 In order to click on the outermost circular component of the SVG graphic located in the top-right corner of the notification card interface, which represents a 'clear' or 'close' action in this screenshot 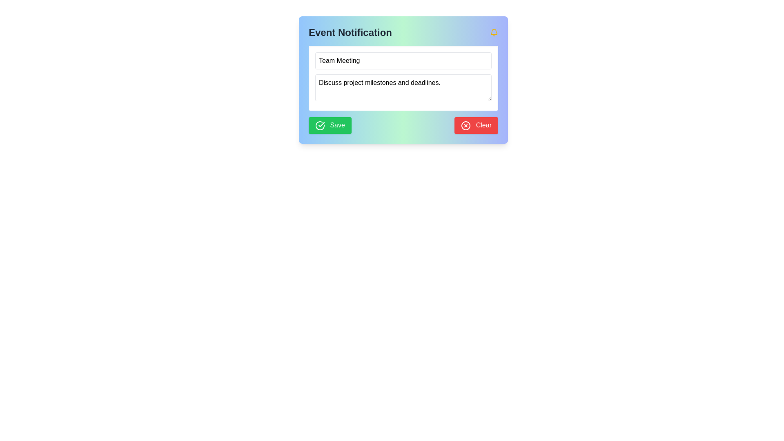, I will do `click(466, 125)`.